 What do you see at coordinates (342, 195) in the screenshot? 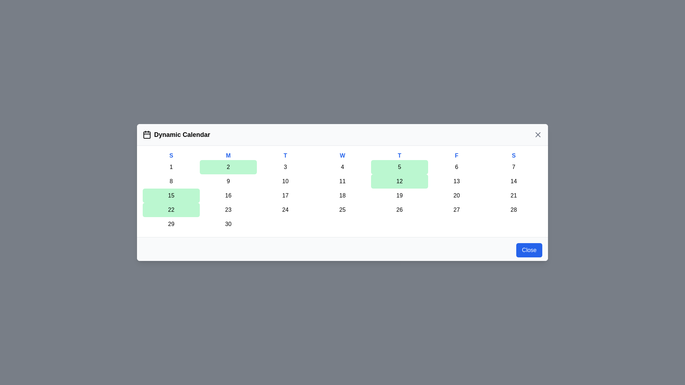
I see `the day cell corresponding to 18` at bounding box center [342, 195].